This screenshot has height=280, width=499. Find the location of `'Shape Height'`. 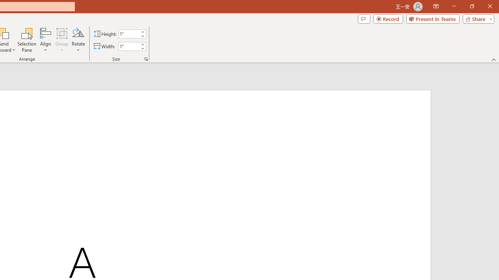

'Shape Height' is located at coordinates (129, 33).